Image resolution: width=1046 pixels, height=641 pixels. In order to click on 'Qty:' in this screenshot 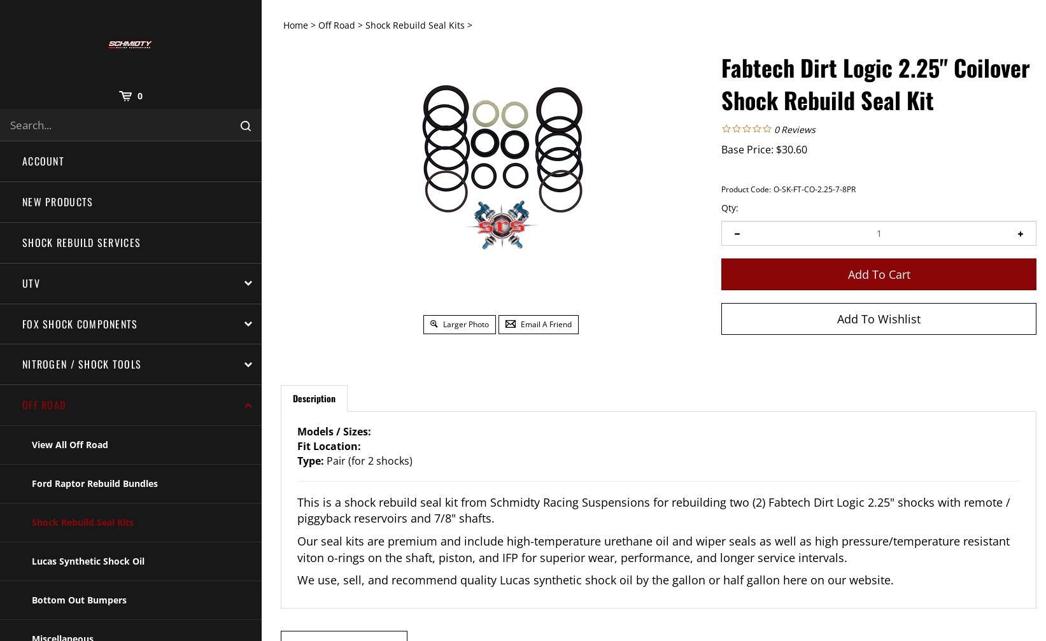, I will do `click(730, 207)`.